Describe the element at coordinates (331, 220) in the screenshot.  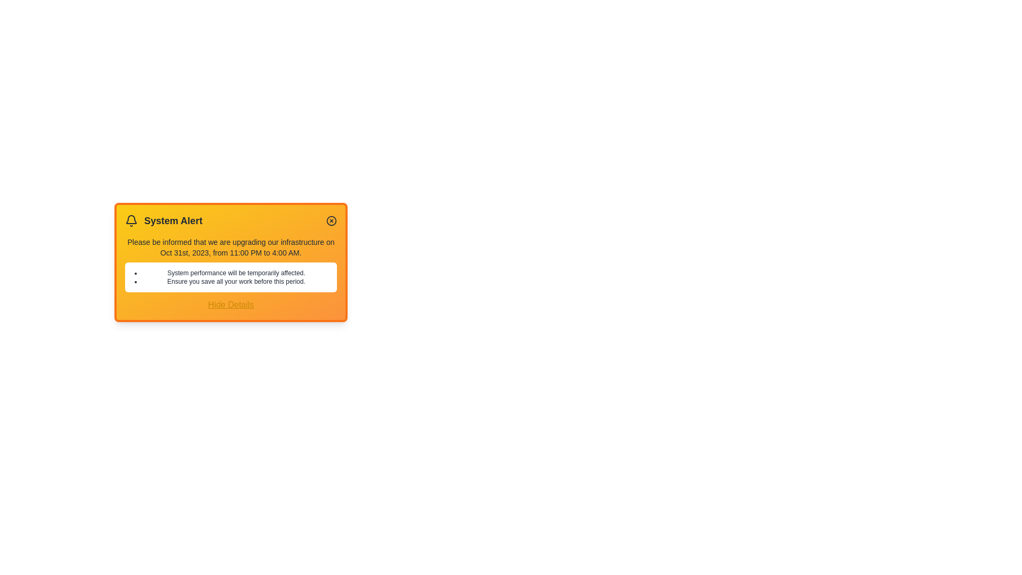
I see `the close button of the alert to close it` at that location.